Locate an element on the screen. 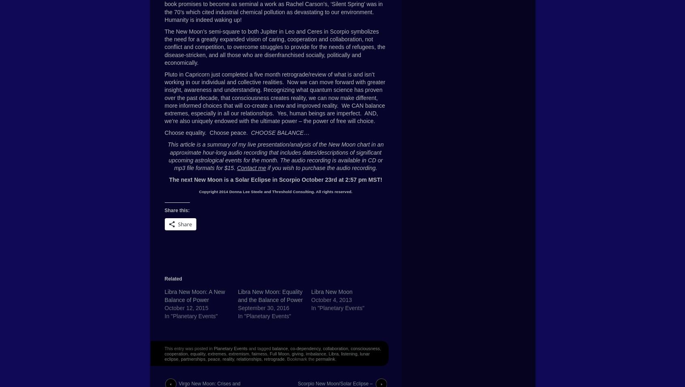 This screenshot has width=685, height=387. 'Contact me' is located at coordinates (251, 168).